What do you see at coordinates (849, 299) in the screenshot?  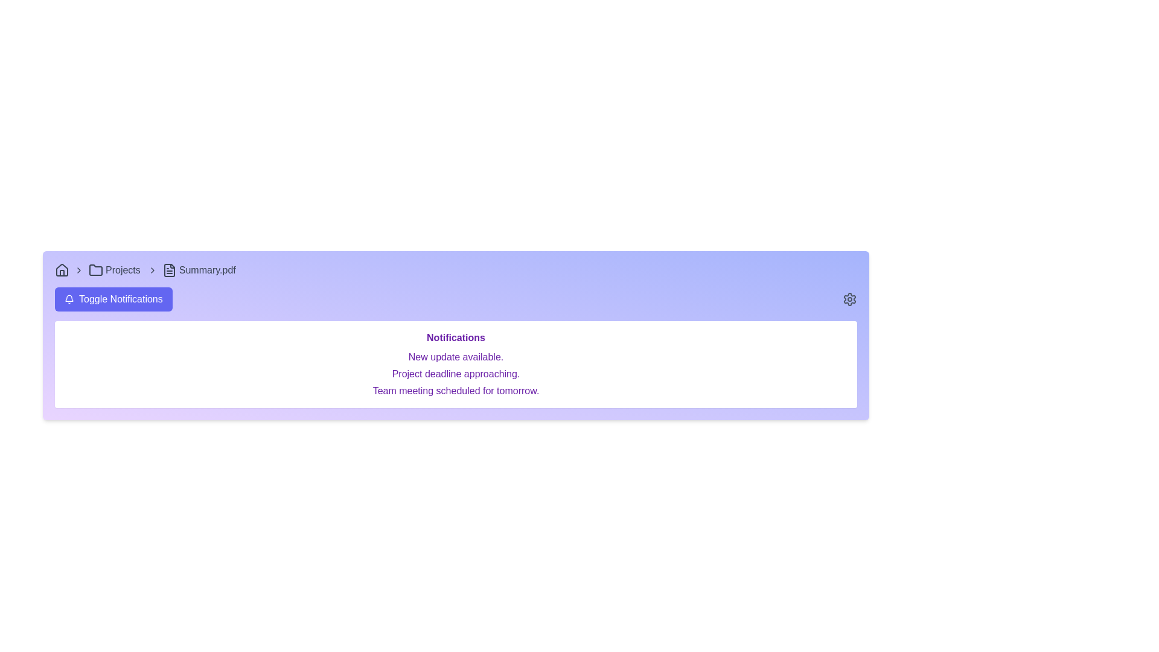 I see `the settings icon located at the top-right corner of the interface` at bounding box center [849, 299].